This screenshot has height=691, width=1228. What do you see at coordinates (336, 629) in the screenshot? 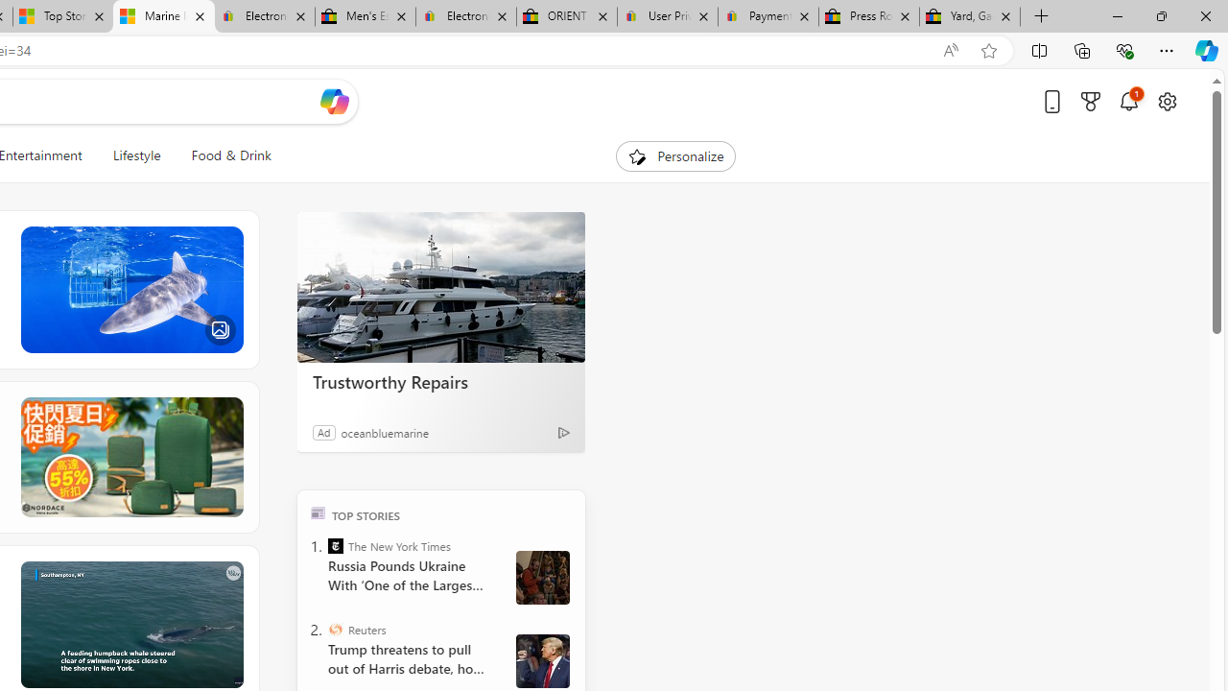
I see `'Reuters'` at bounding box center [336, 629].